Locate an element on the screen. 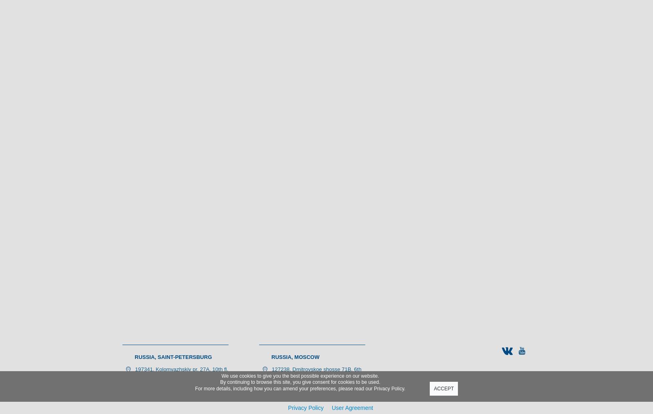  'moscow@hydravia.ru' is located at coordinates (297, 394).